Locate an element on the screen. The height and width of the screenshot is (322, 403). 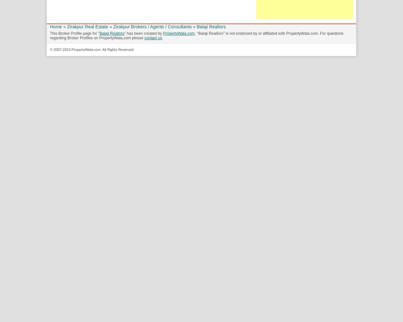
'. "Balaji Realtors" is not endorsed by or affiliated with PropertyWala.com. For questions
                regarding
                Broker
                Profiles on PropertyWala.com please' is located at coordinates (196, 35).